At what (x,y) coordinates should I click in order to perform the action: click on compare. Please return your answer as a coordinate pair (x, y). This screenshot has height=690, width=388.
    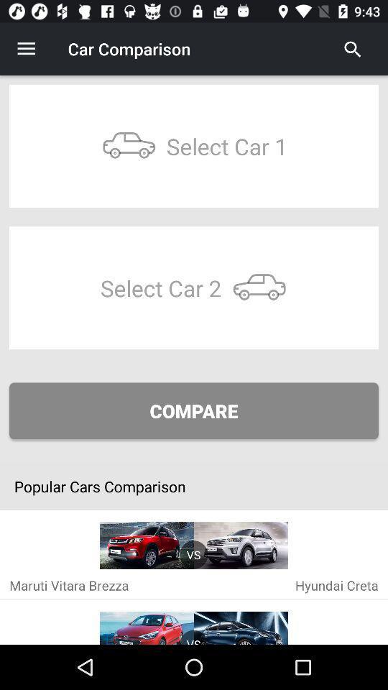
    Looking at the image, I should click on (194, 410).